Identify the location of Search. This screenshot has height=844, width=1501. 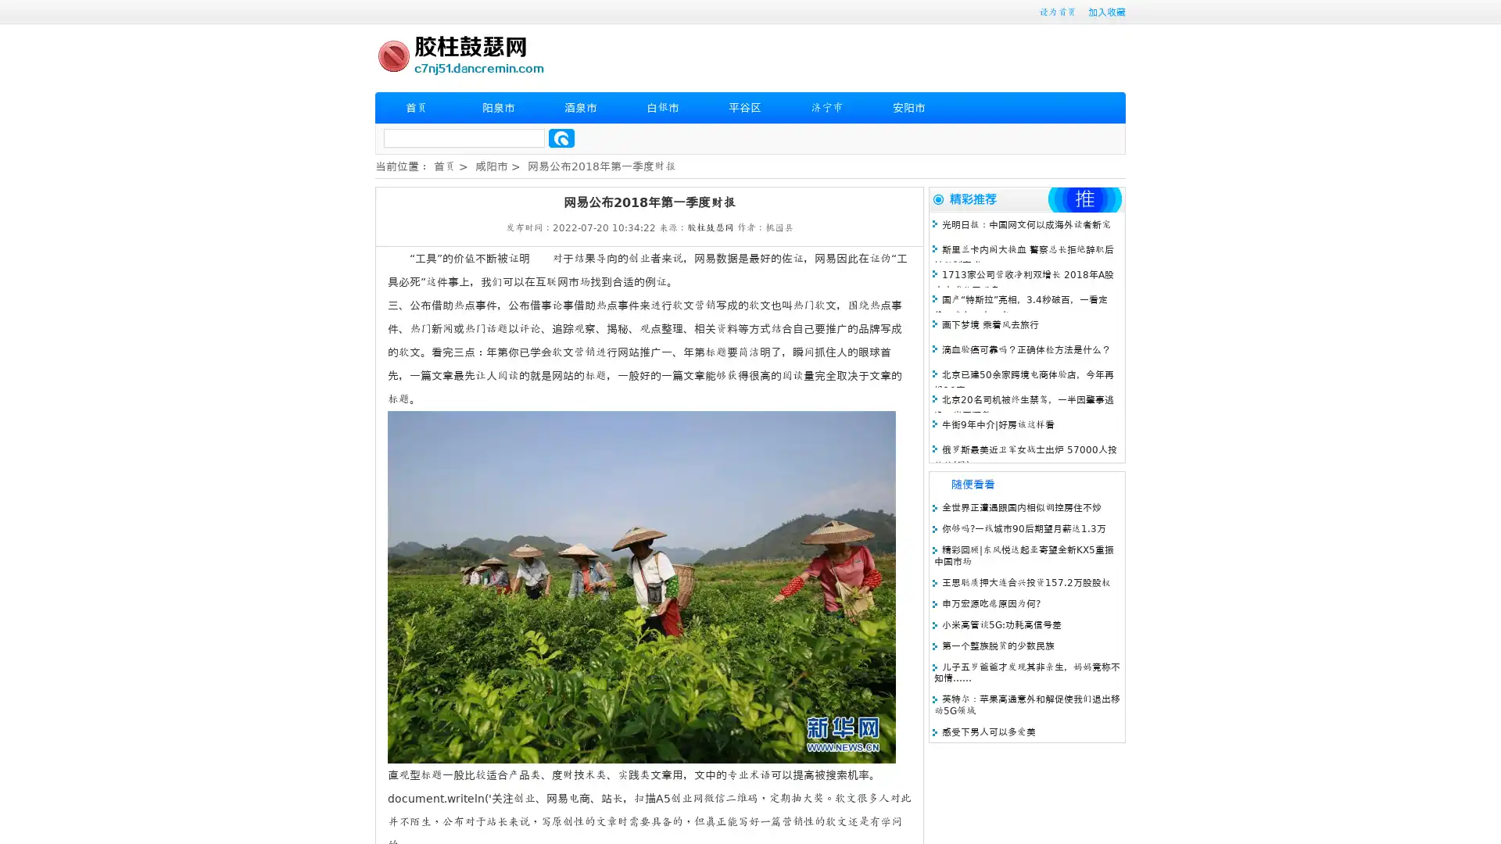
(561, 138).